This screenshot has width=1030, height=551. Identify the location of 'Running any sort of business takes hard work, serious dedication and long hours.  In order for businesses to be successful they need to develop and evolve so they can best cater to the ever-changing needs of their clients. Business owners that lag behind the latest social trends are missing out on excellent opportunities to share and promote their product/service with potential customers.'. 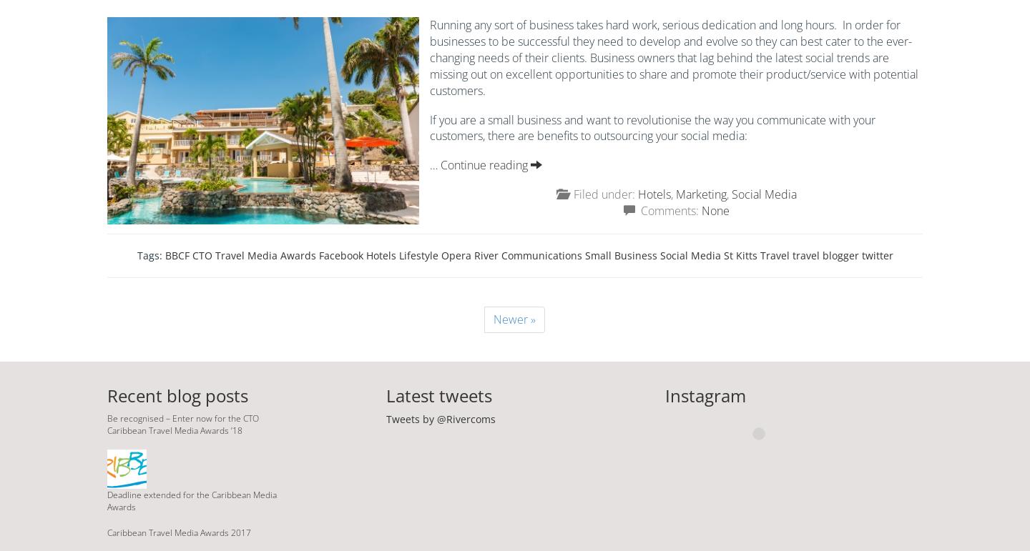
(674, 57).